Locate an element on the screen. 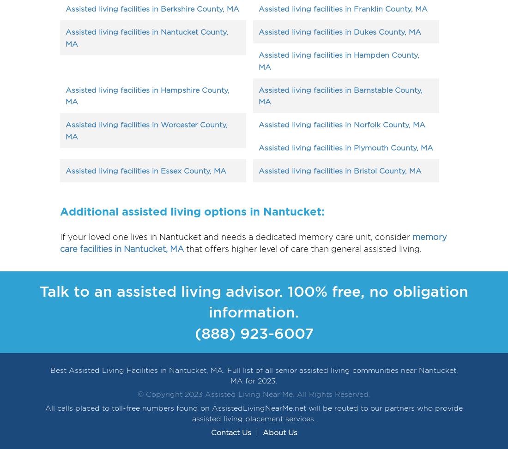  'Additional assisted living options in Nantucket:' is located at coordinates (192, 211).